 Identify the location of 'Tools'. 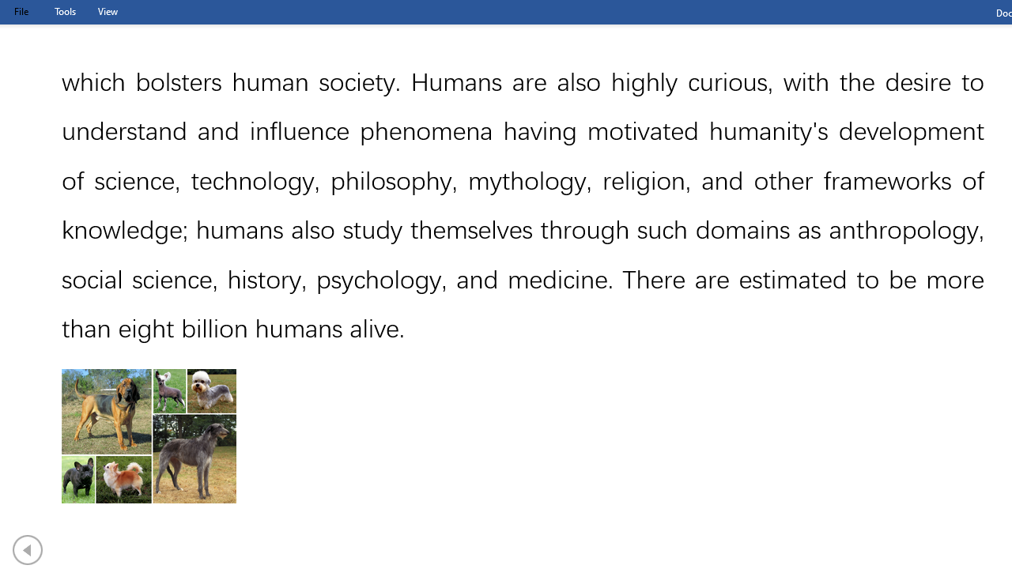
(64, 11).